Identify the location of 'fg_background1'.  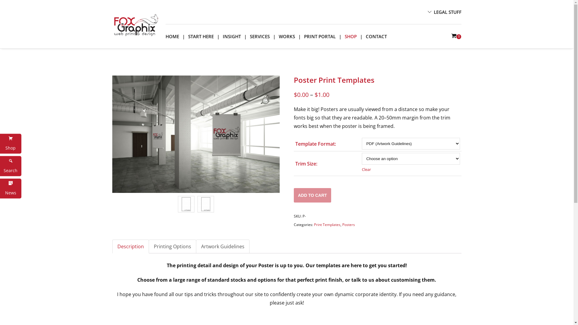
(196, 134).